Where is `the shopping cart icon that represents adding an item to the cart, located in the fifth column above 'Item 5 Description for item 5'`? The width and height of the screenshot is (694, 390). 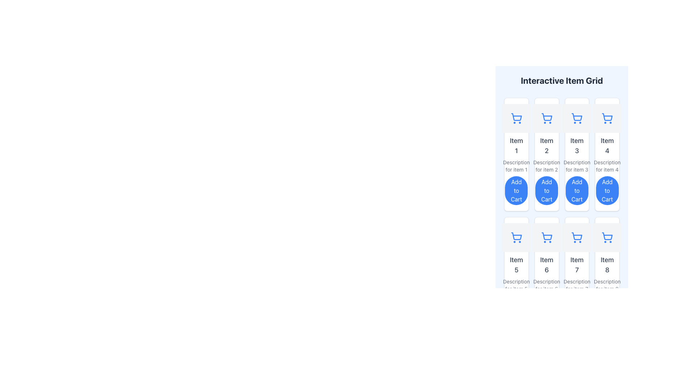
the shopping cart icon that represents adding an item to the cart, located in the fifth column above 'Item 5 Description for item 5' is located at coordinates (516, 236).